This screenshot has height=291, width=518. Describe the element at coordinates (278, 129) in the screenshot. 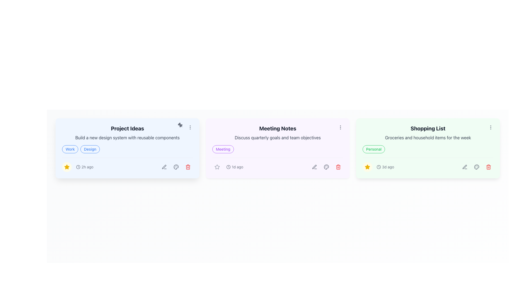

I see `the text element 'Meeting Notes' which serves as the title of the note card, located at the top center of the card` at that location.